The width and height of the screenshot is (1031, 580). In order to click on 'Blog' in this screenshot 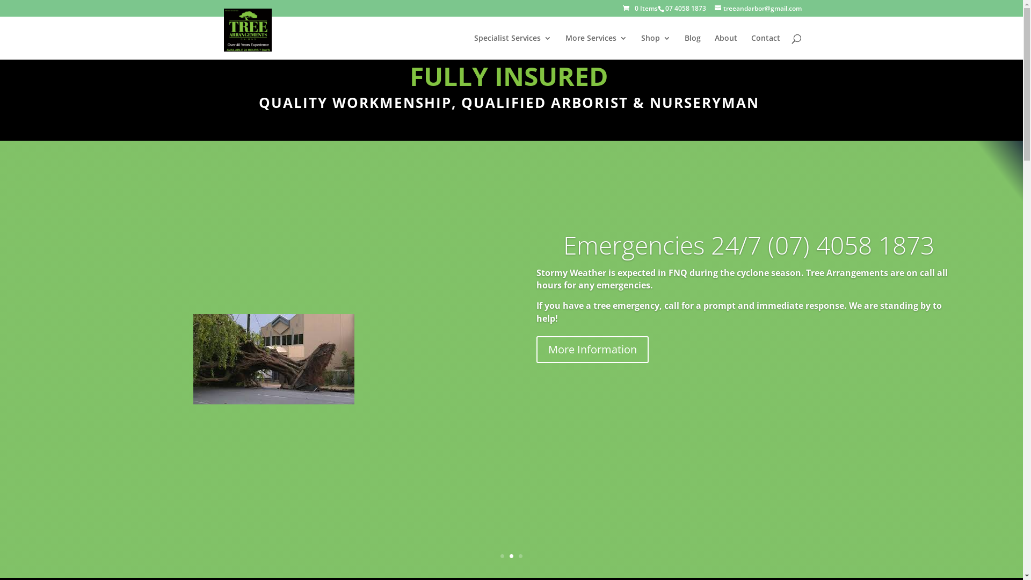, I will do `click(692, 46)`.